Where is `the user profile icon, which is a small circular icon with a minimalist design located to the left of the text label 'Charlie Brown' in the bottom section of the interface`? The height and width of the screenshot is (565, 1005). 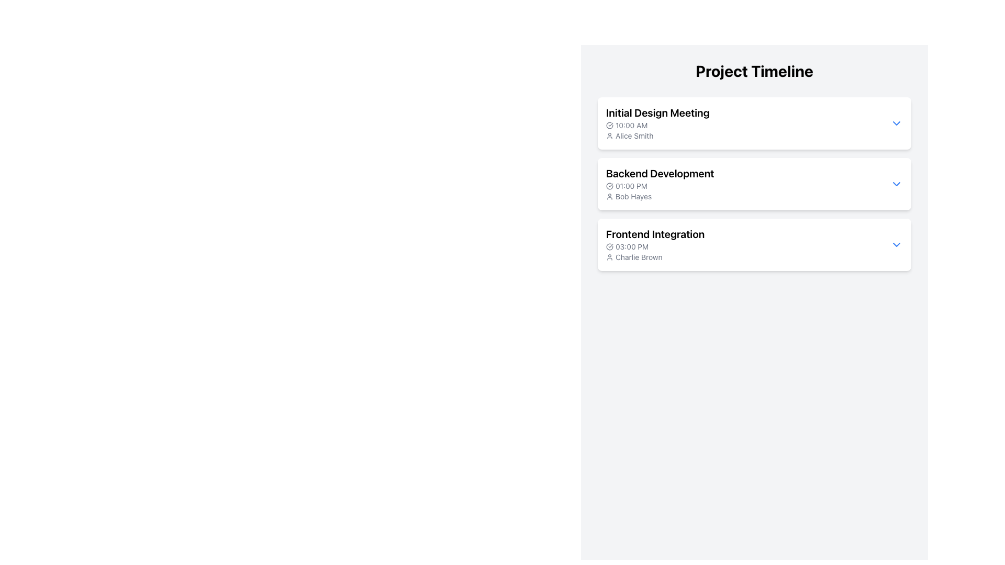
the user profile icon, which is a small circular icon with a minimalist design located to the left of the text label 'Charlie Brown' in the bottom section of the interface is located at coordinates (610, 257).